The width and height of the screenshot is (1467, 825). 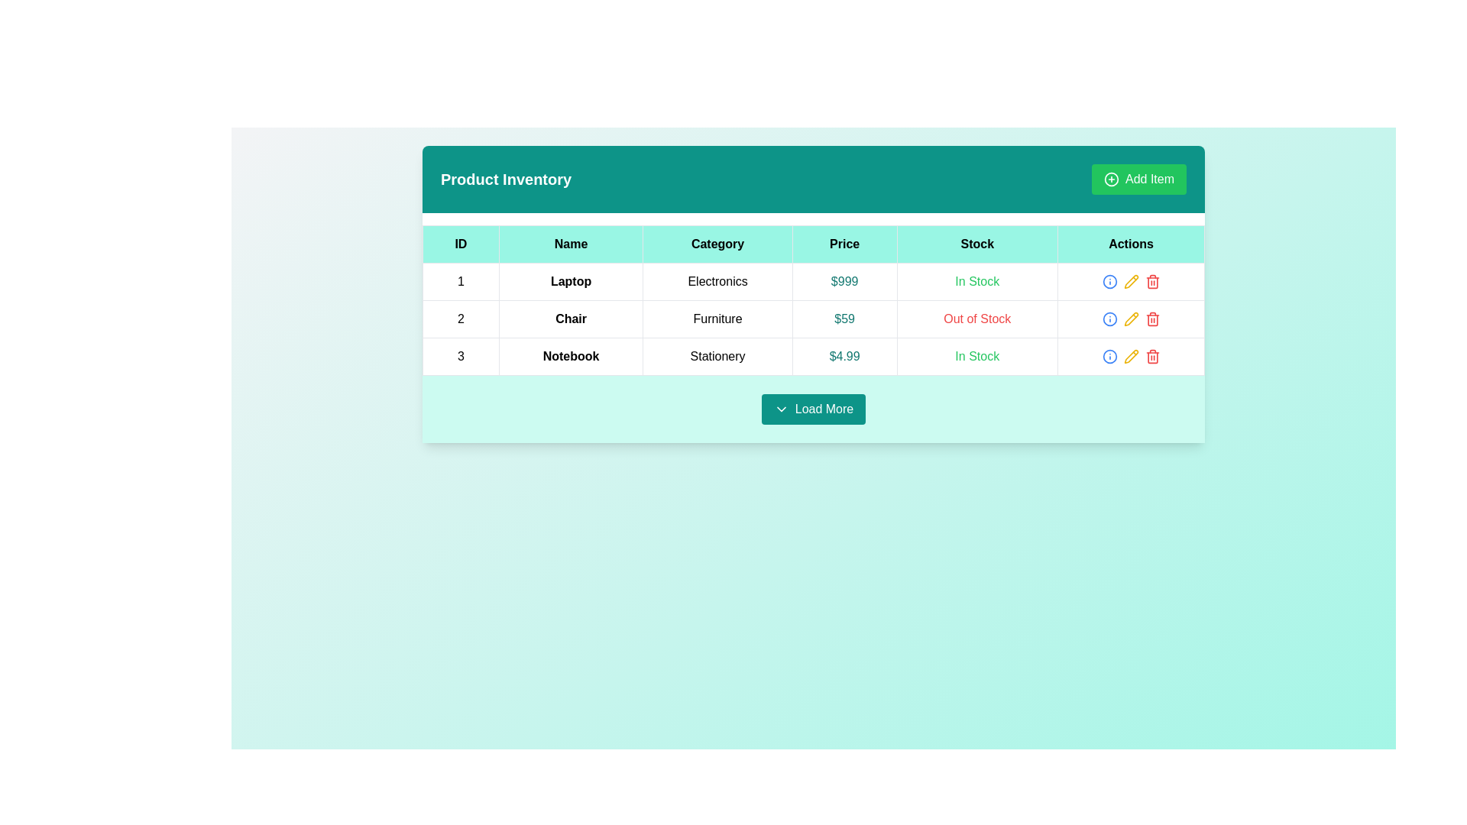 What do you see at coordinates (1152, 318) in the screenshot?
I see `the delete icon button located in the Actions column of the second row in the table` at bounding box center [1152, 318].